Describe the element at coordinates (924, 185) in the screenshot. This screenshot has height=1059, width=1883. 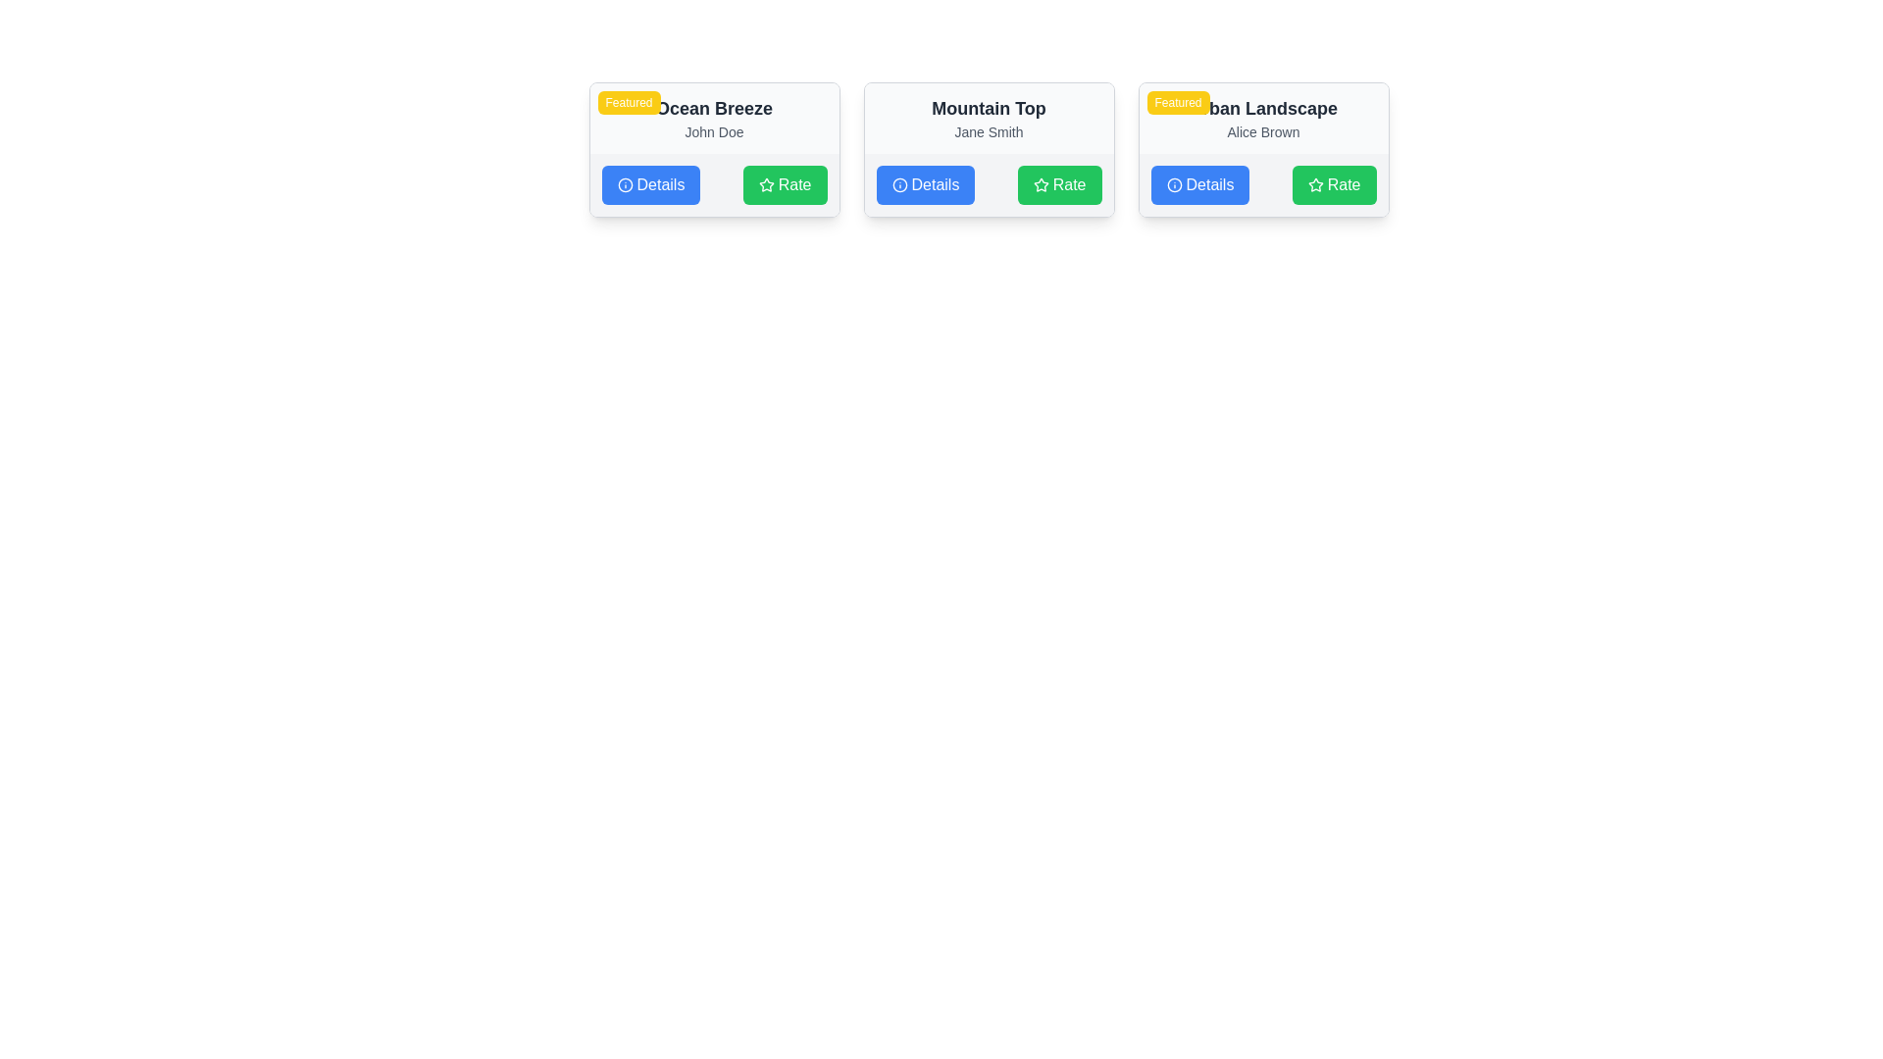
I see `the interactive button located in the 'Mountain Top' section to observe potential UI effects` at that location.